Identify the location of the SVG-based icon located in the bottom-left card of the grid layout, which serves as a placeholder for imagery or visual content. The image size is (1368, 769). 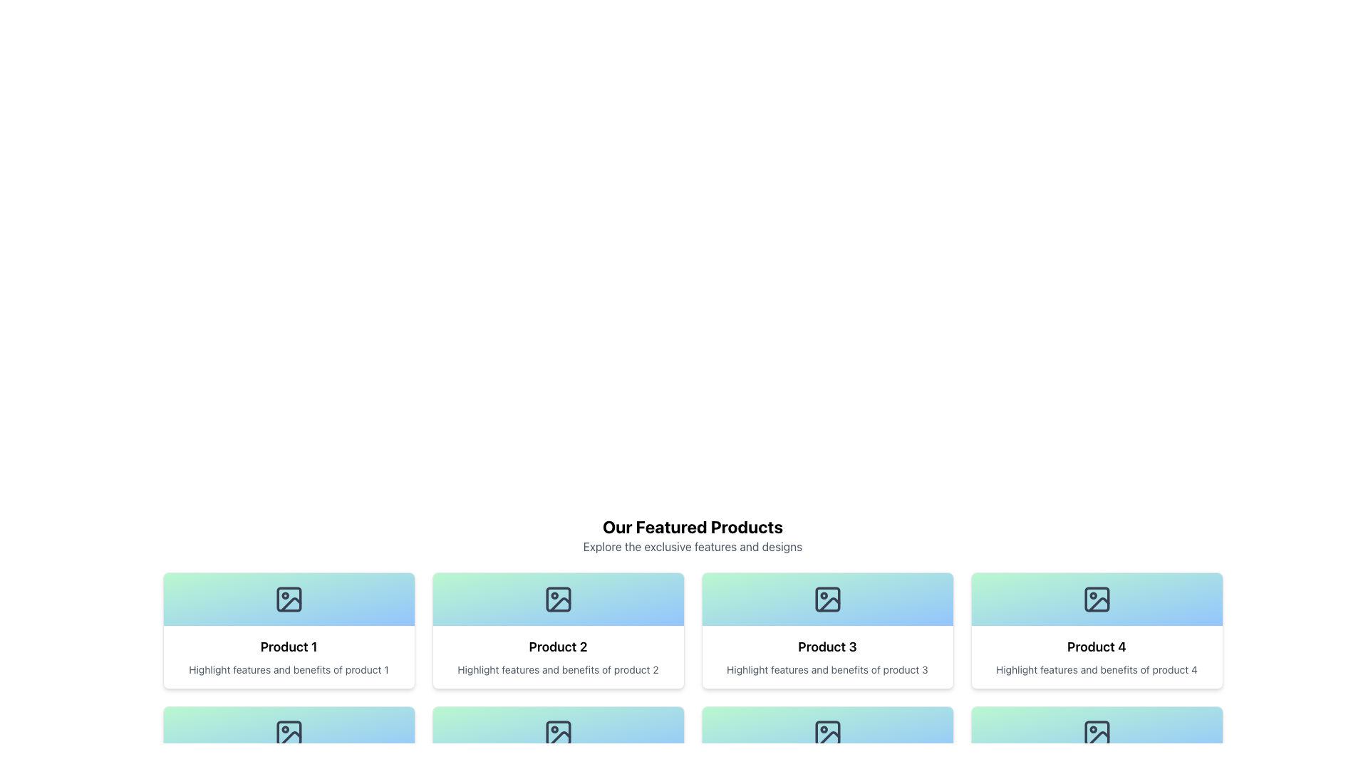
(557, 733).